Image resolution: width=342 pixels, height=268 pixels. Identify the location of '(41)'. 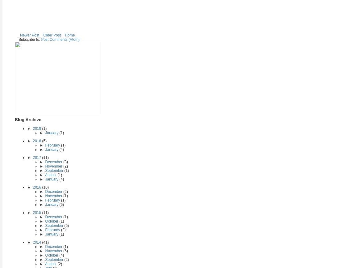
(42, 241).